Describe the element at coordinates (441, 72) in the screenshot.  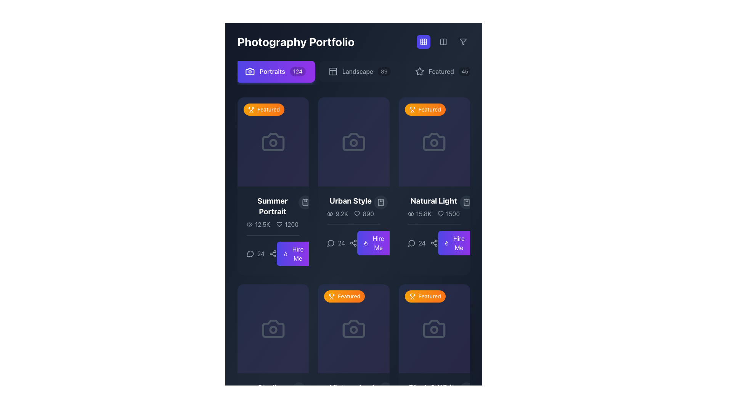
I see `the 'Featured' text label located in the navigation area, positioned to the right of a star icon and preceding a badge with the number '45'` at that location.